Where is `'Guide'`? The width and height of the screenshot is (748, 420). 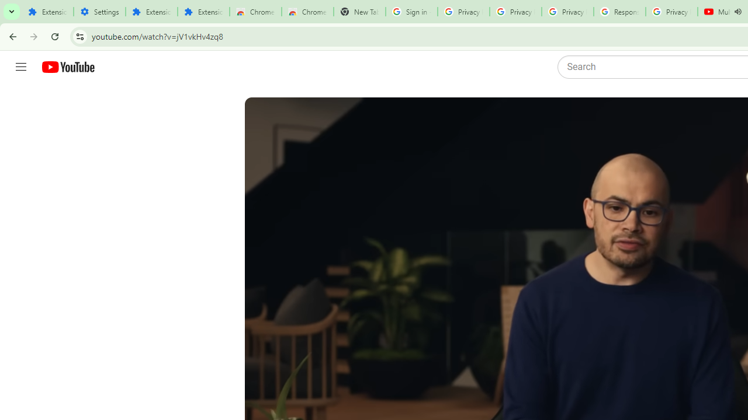
'Guide' is located at coordinates (20, 67).